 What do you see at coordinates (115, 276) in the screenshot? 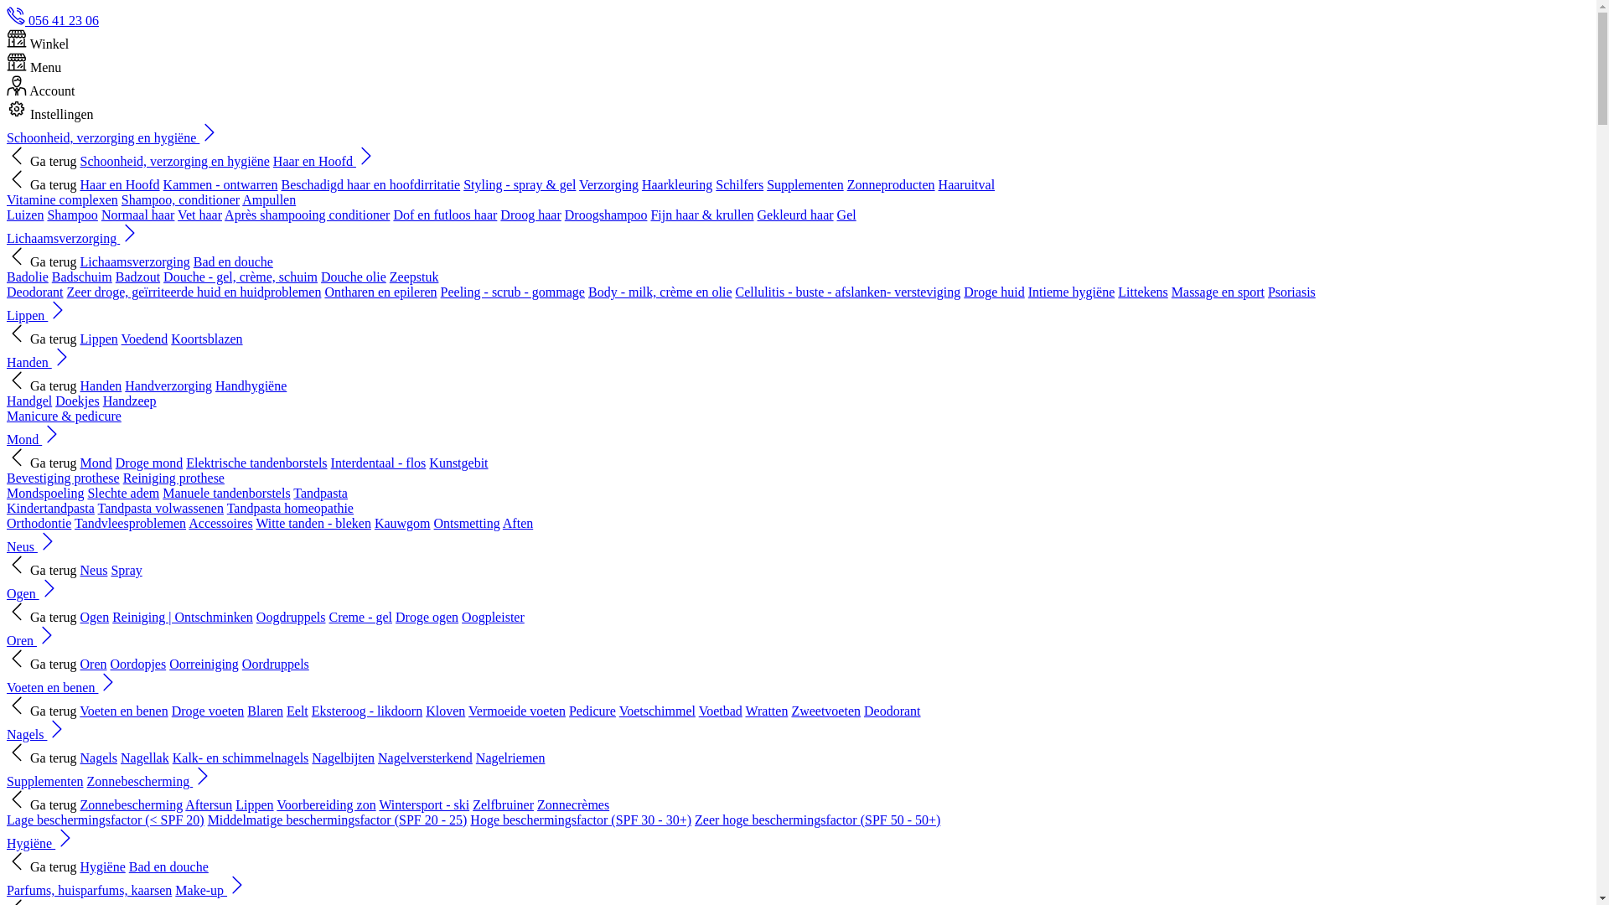
I see `'Badzout'` at bounding box center [115, 276].